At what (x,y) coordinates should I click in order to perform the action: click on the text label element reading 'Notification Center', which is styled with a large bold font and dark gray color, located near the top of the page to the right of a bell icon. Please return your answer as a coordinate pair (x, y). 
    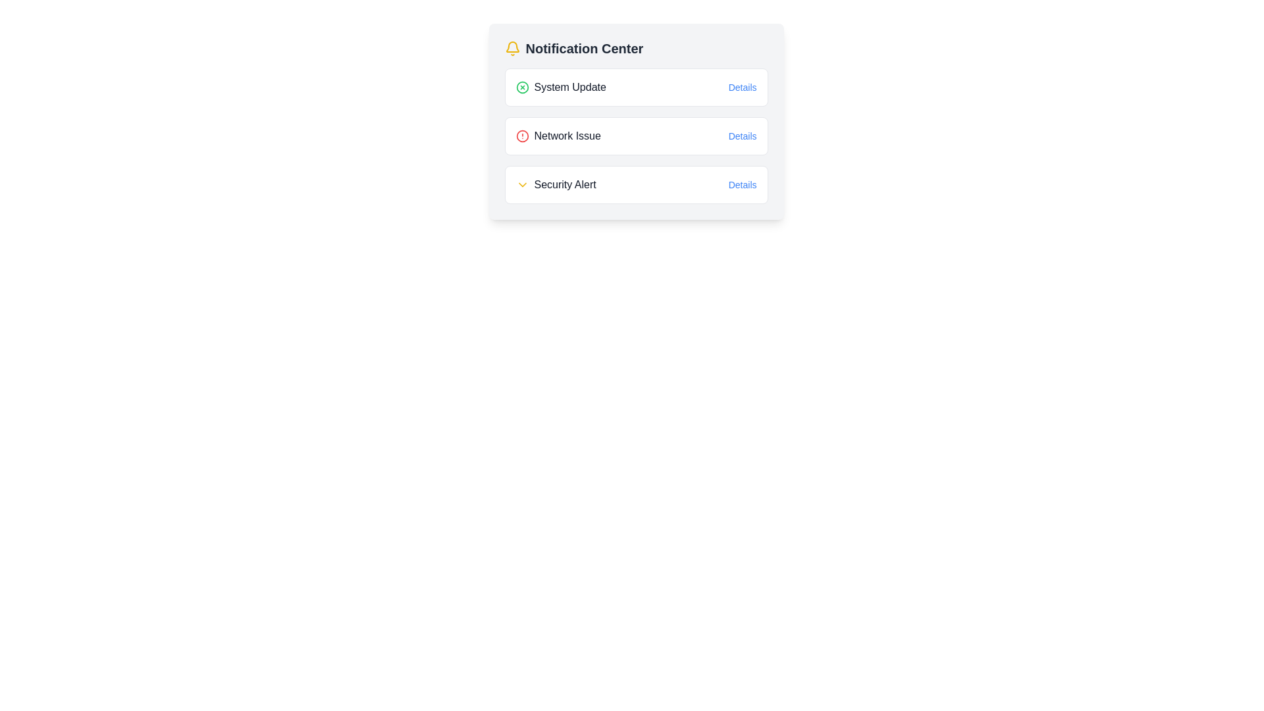
    Looking at the image, I should click on (584, 47).